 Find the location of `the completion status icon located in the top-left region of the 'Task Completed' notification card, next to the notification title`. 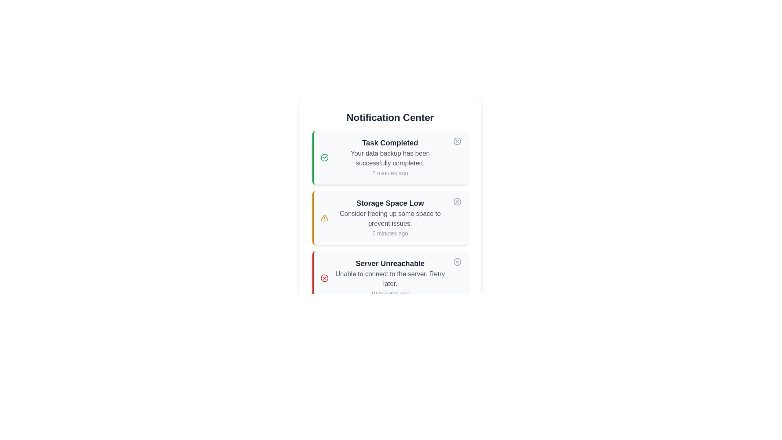

the completion status icon located in the top-left region of the 'Task Completed' notification card, next to the notification title is located at coordinates (324, 157).